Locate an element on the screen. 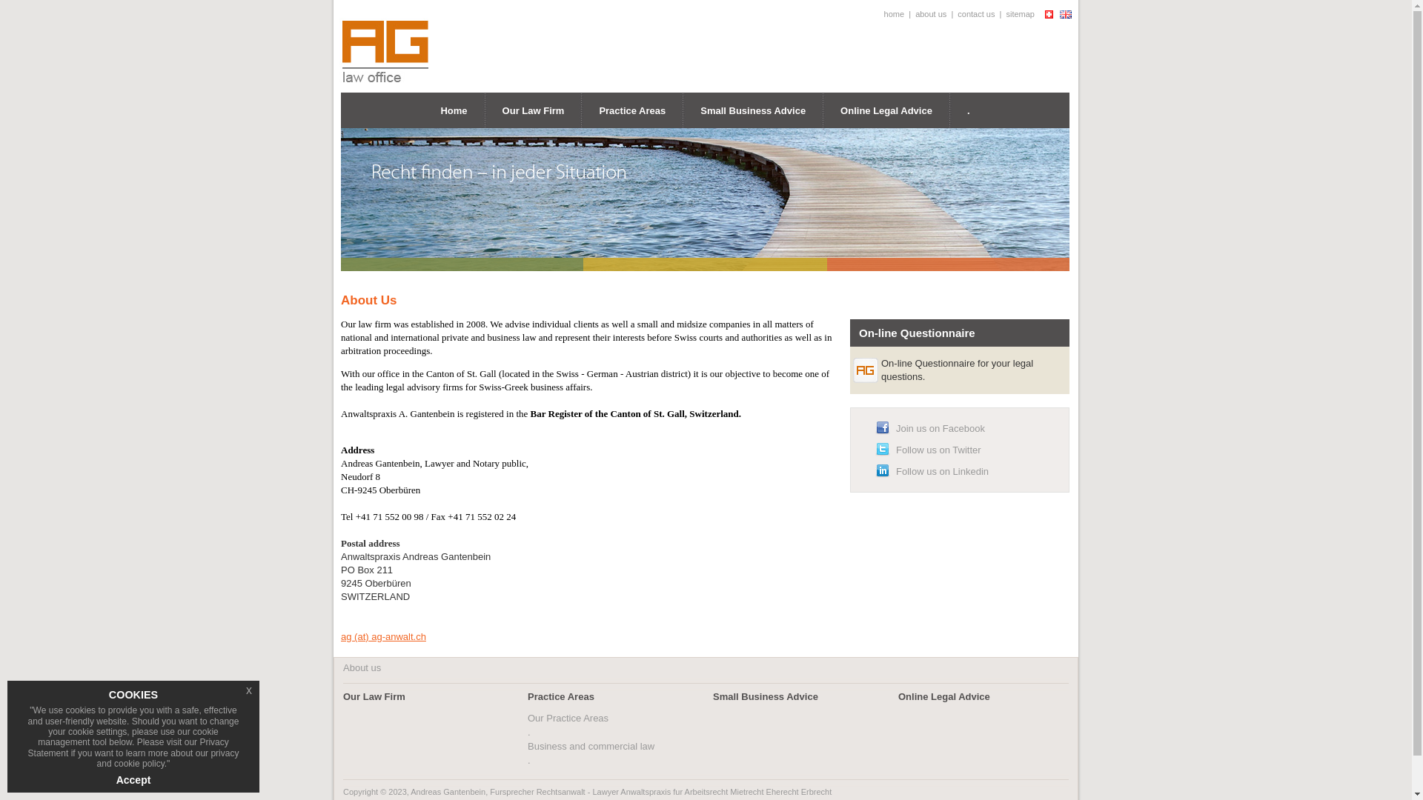 Image resolution: width=1423 pixels, height=800 pixels. 'Business and commercial law' is located at coordinates (590, 746).